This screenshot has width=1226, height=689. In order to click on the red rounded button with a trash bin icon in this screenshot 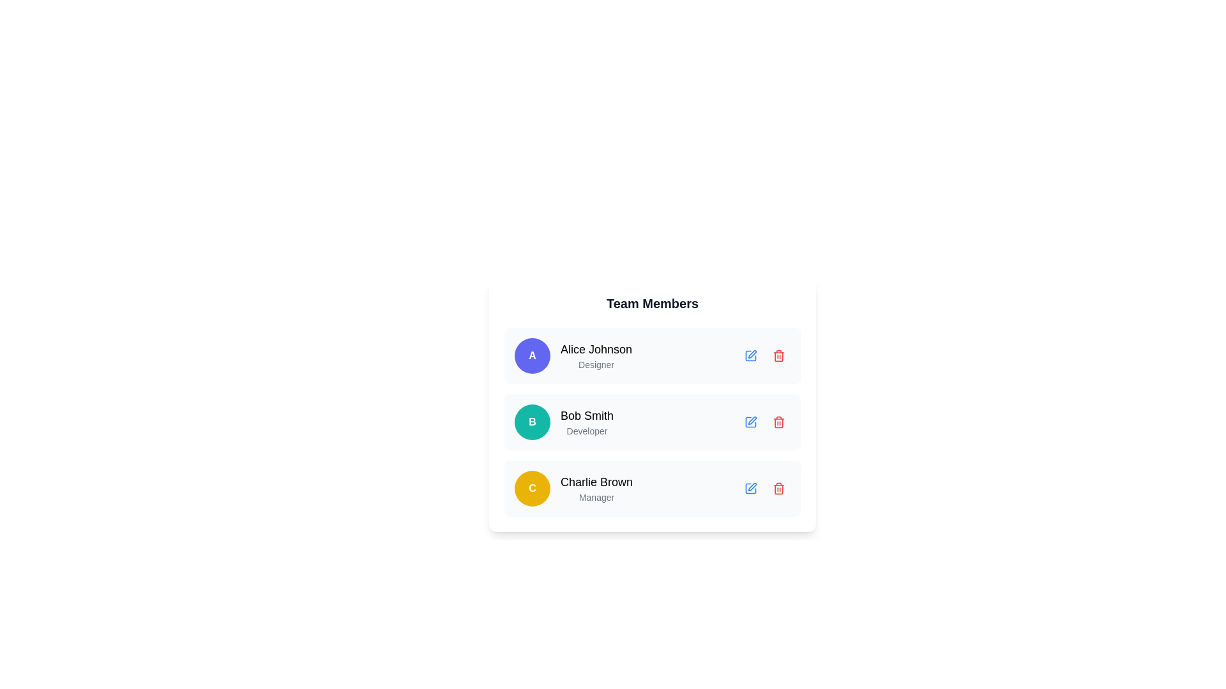, I will do `click(778, 488)`.